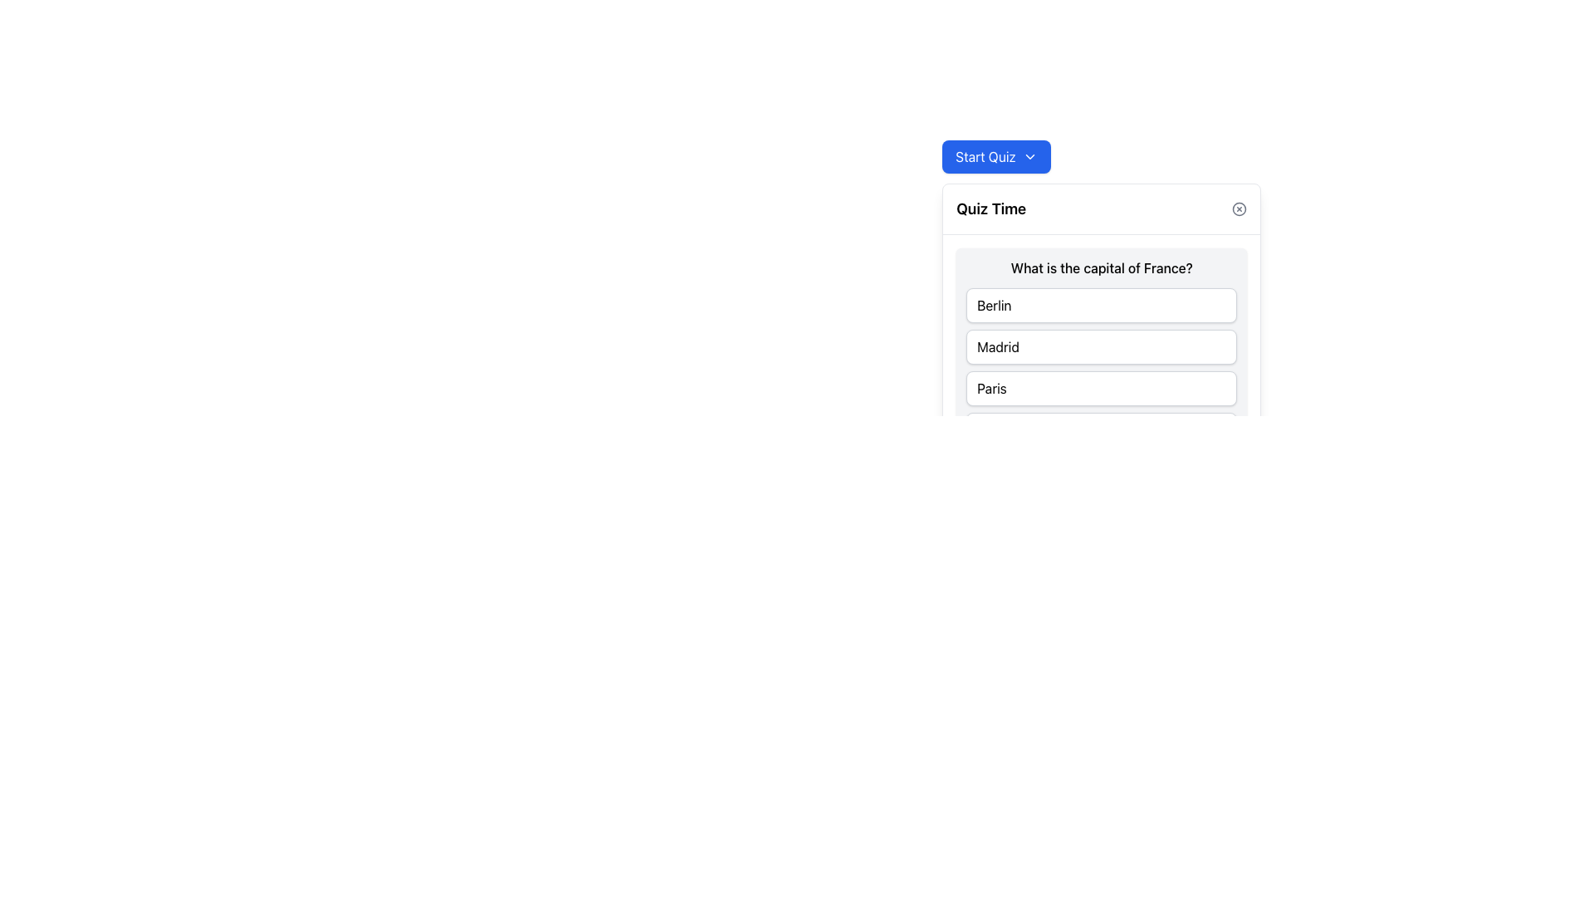  Describe the element at coordinates (1102, 305) in the screenshot. I see `the 'Berlin' button, which is the first option in the vertical list under the question 'What is the capital of France?'` at that location.